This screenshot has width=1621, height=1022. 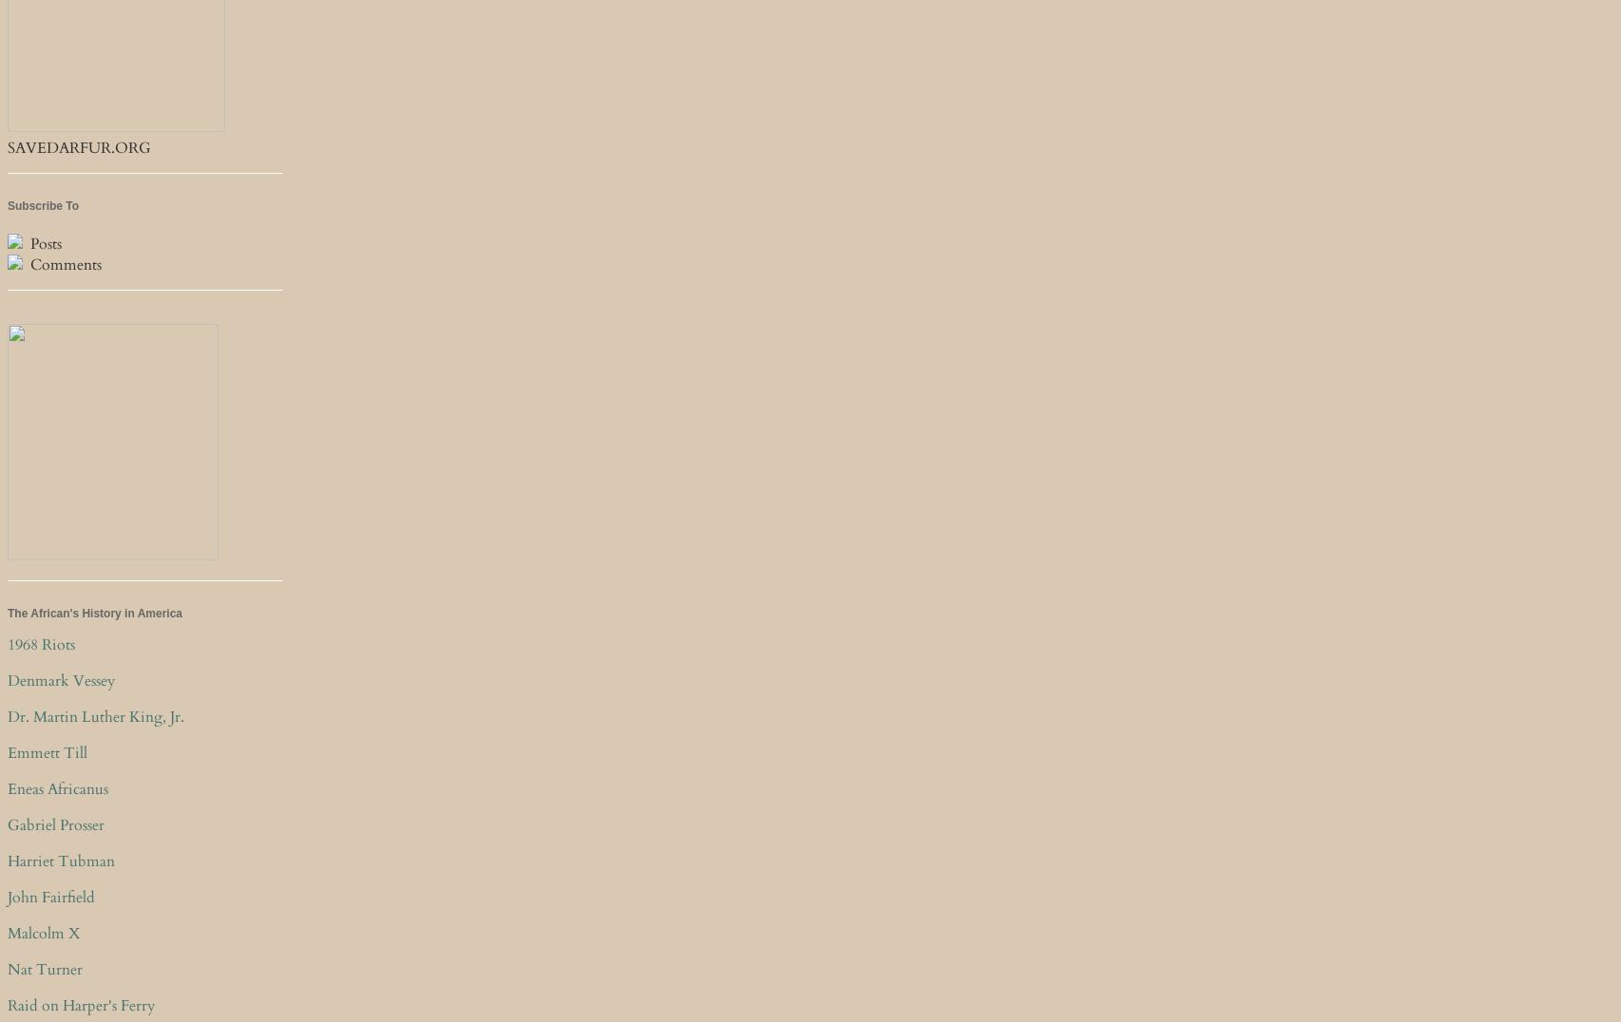 What do you see at coordinates (47, 753) in the screenshot?
I see `'Emmett Till'` at bounding box center [47, 753].